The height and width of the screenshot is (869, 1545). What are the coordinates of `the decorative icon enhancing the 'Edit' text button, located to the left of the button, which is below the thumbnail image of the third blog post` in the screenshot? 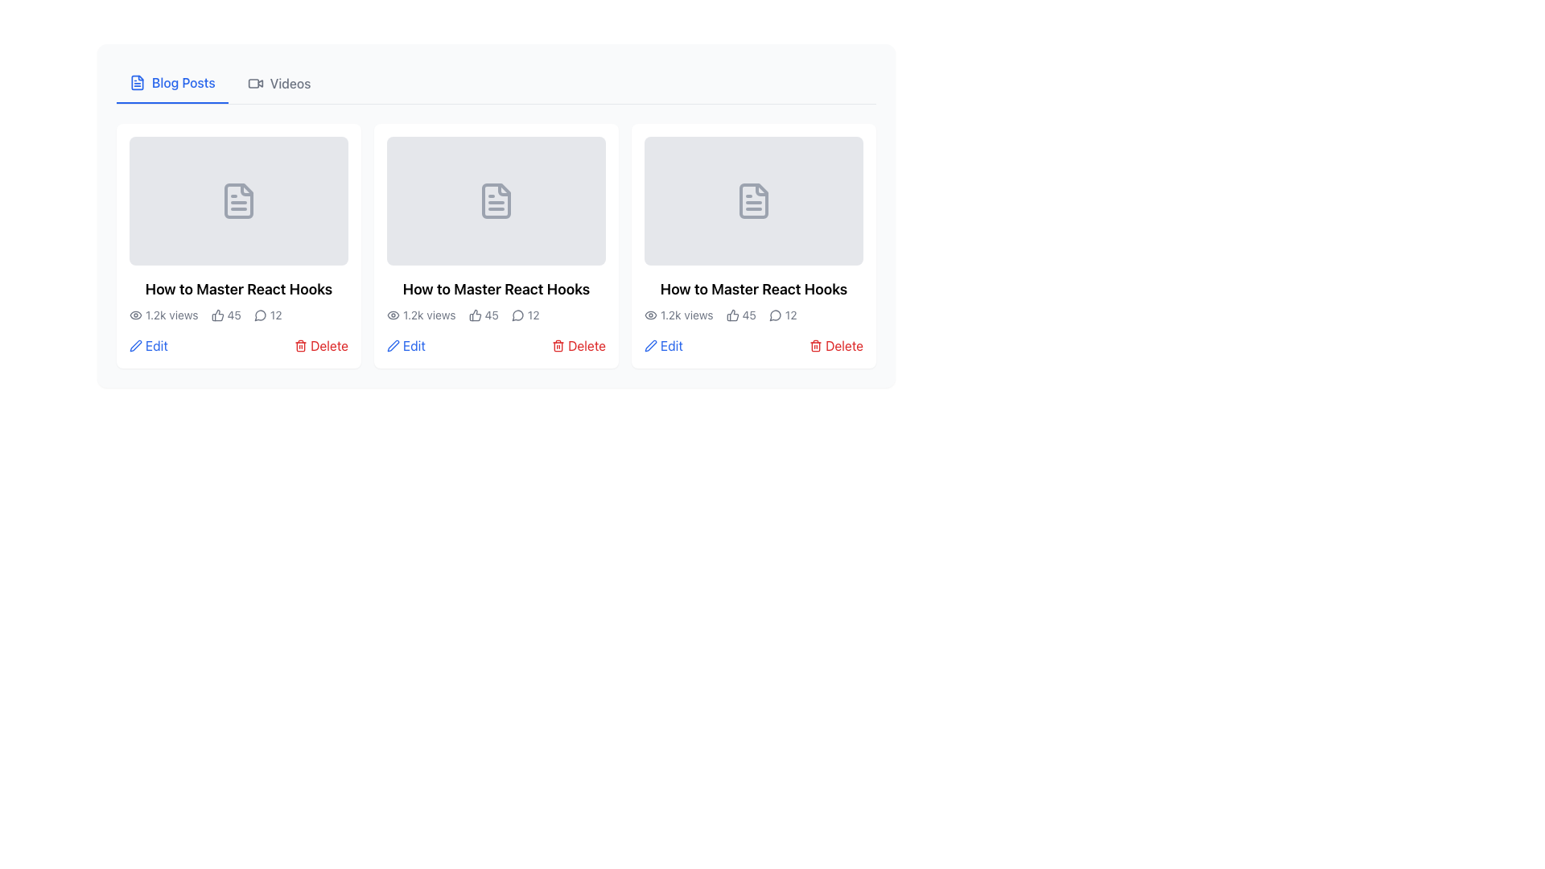 It's located at (651, 344).